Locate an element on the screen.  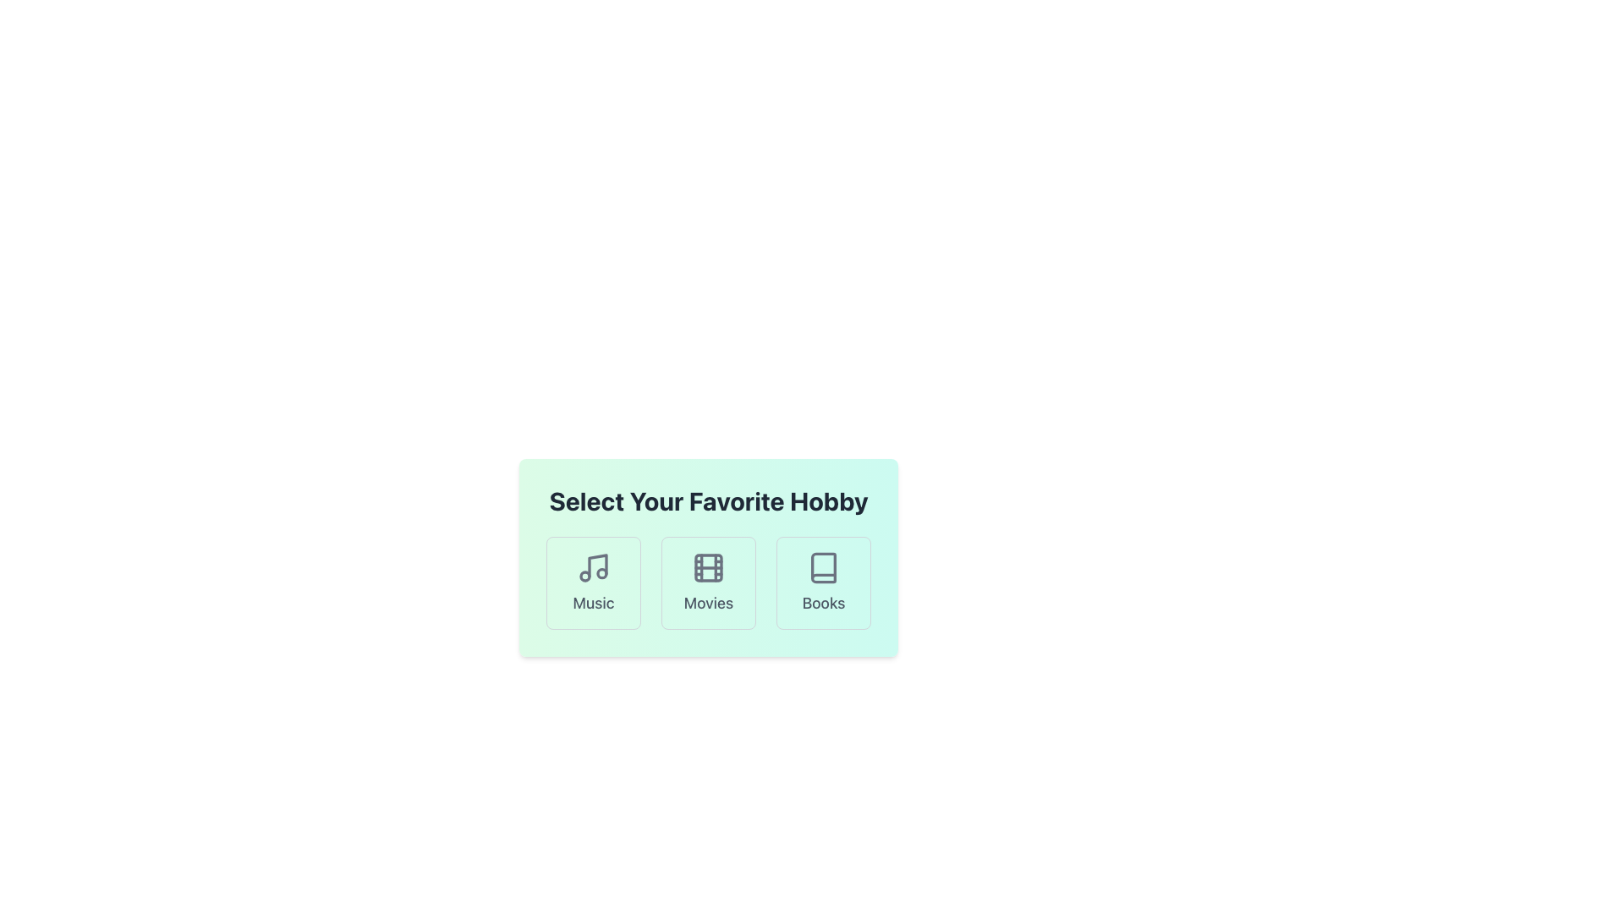
the inner rectangle of the 'Movies' icon, which is the second icon in a row of three, located under the text 'Select Your Favorite Hobby' is located at coordinates (709, 567).